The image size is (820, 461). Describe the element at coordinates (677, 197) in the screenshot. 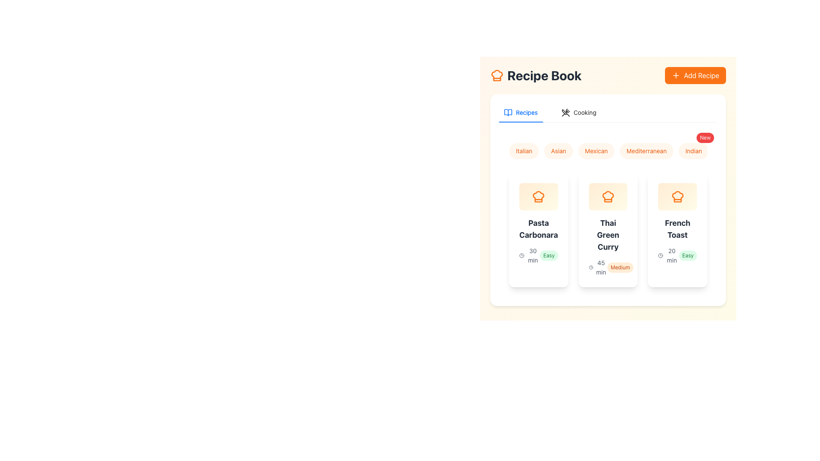

I see `the chef's hat icon outlined in orange, which is located near the top-left corner of the interface, adjacent to the 'Recipe Book' text header, to understand its functionality` at that location.